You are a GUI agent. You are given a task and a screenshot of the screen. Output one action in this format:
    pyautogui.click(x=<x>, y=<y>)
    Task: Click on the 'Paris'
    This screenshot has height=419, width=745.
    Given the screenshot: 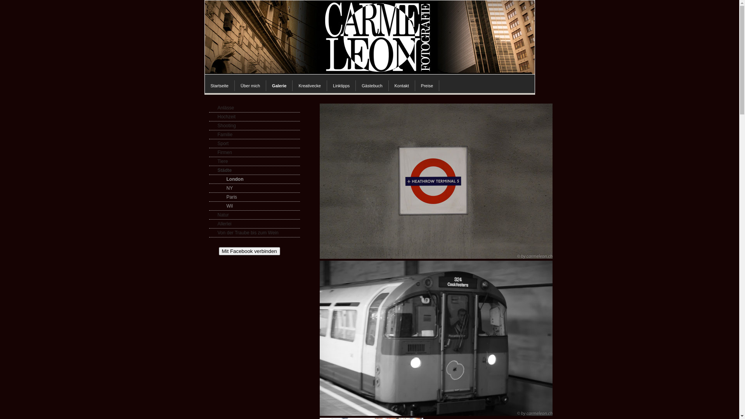 What is the action you would take?
    pyautogui.click(x=254, y=197)
    